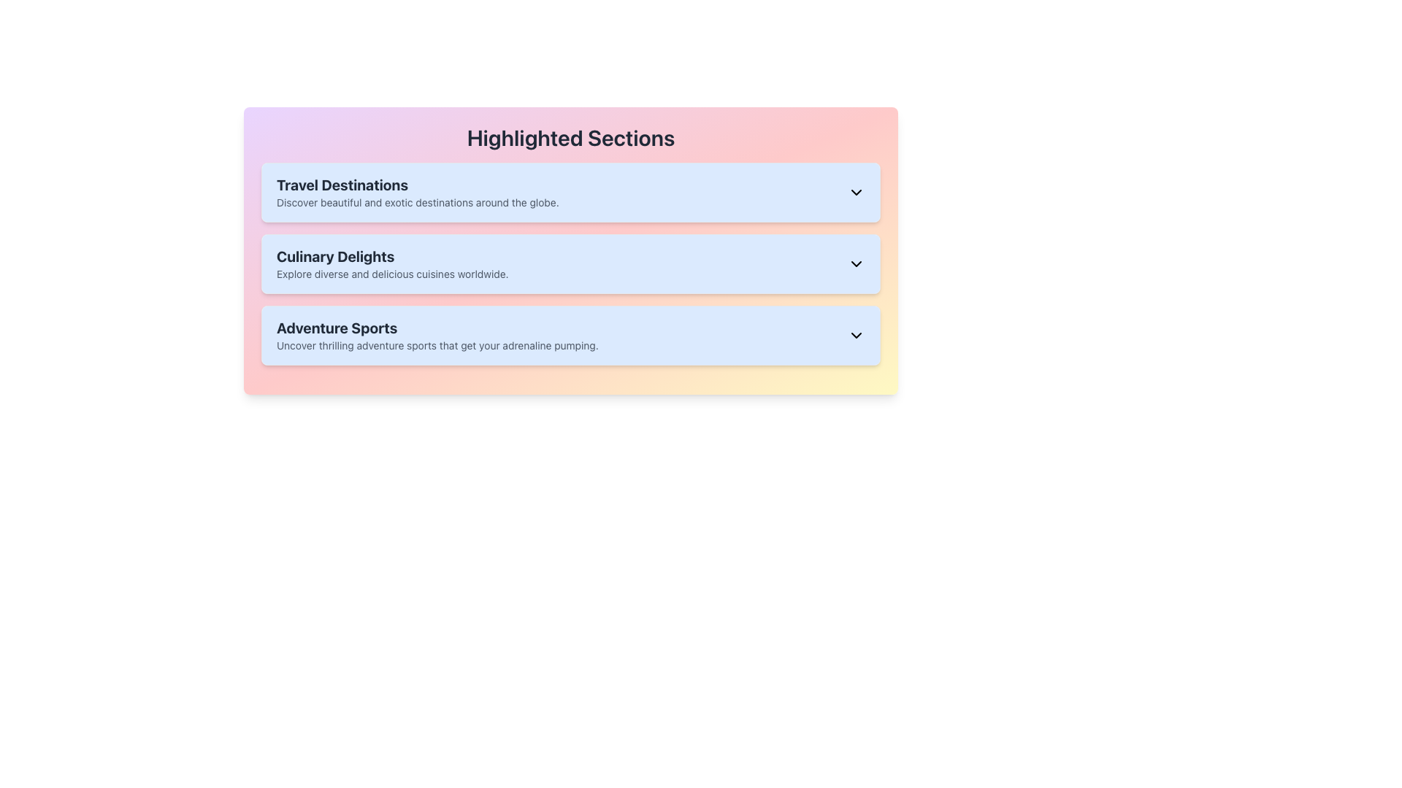  I want to click on the small, gray text that says 'Discover beautiful and exotic destinations around the globe.', which is located directly below the bold 'Travel Destinations' heading, so click(417, 202).